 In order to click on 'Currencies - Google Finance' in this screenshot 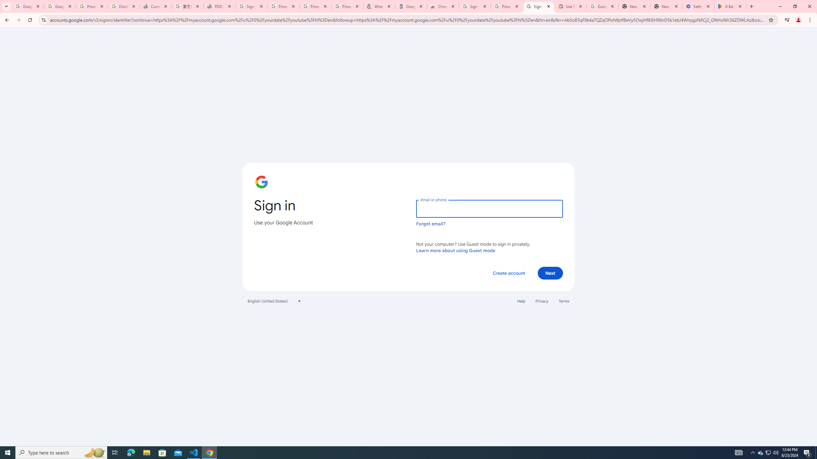, I will do `click(156, 6)`.